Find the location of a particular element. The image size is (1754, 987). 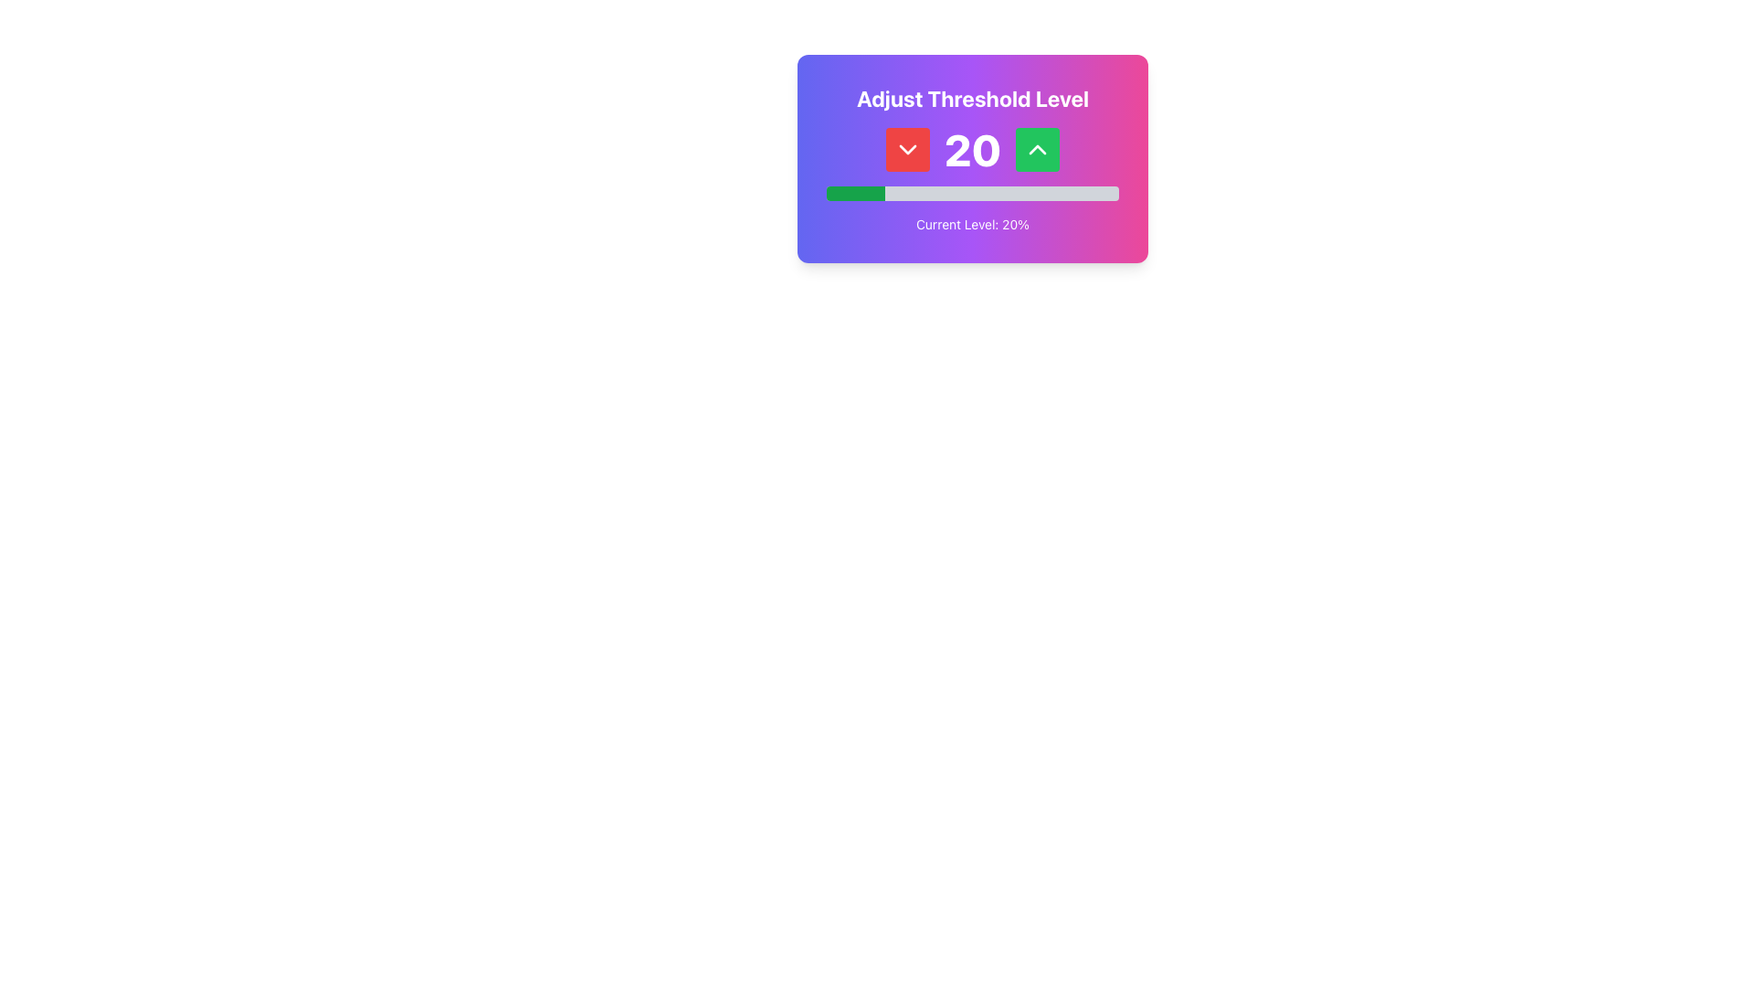

the leftmost 20% segment of the progress bar, which represents 20% completion of a task, located at the bottom part of the card interface is located at coordinates (854, 194).